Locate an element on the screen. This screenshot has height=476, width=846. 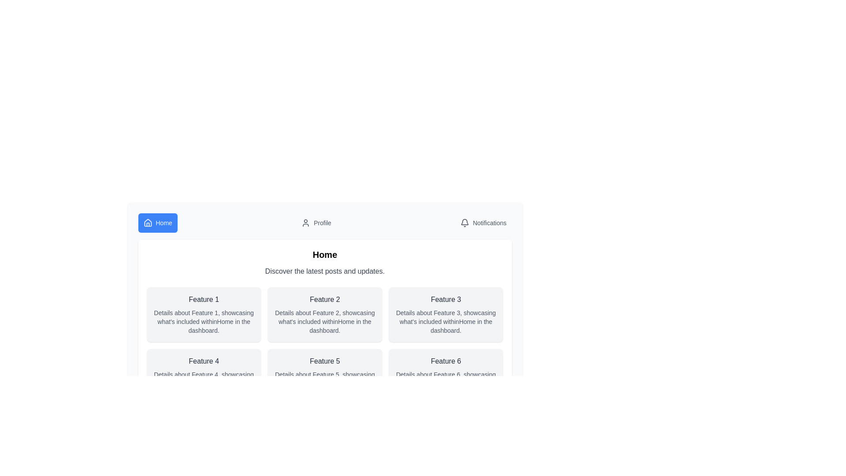
the 'Feature 3' static label text is located at coordinates (446, 299).